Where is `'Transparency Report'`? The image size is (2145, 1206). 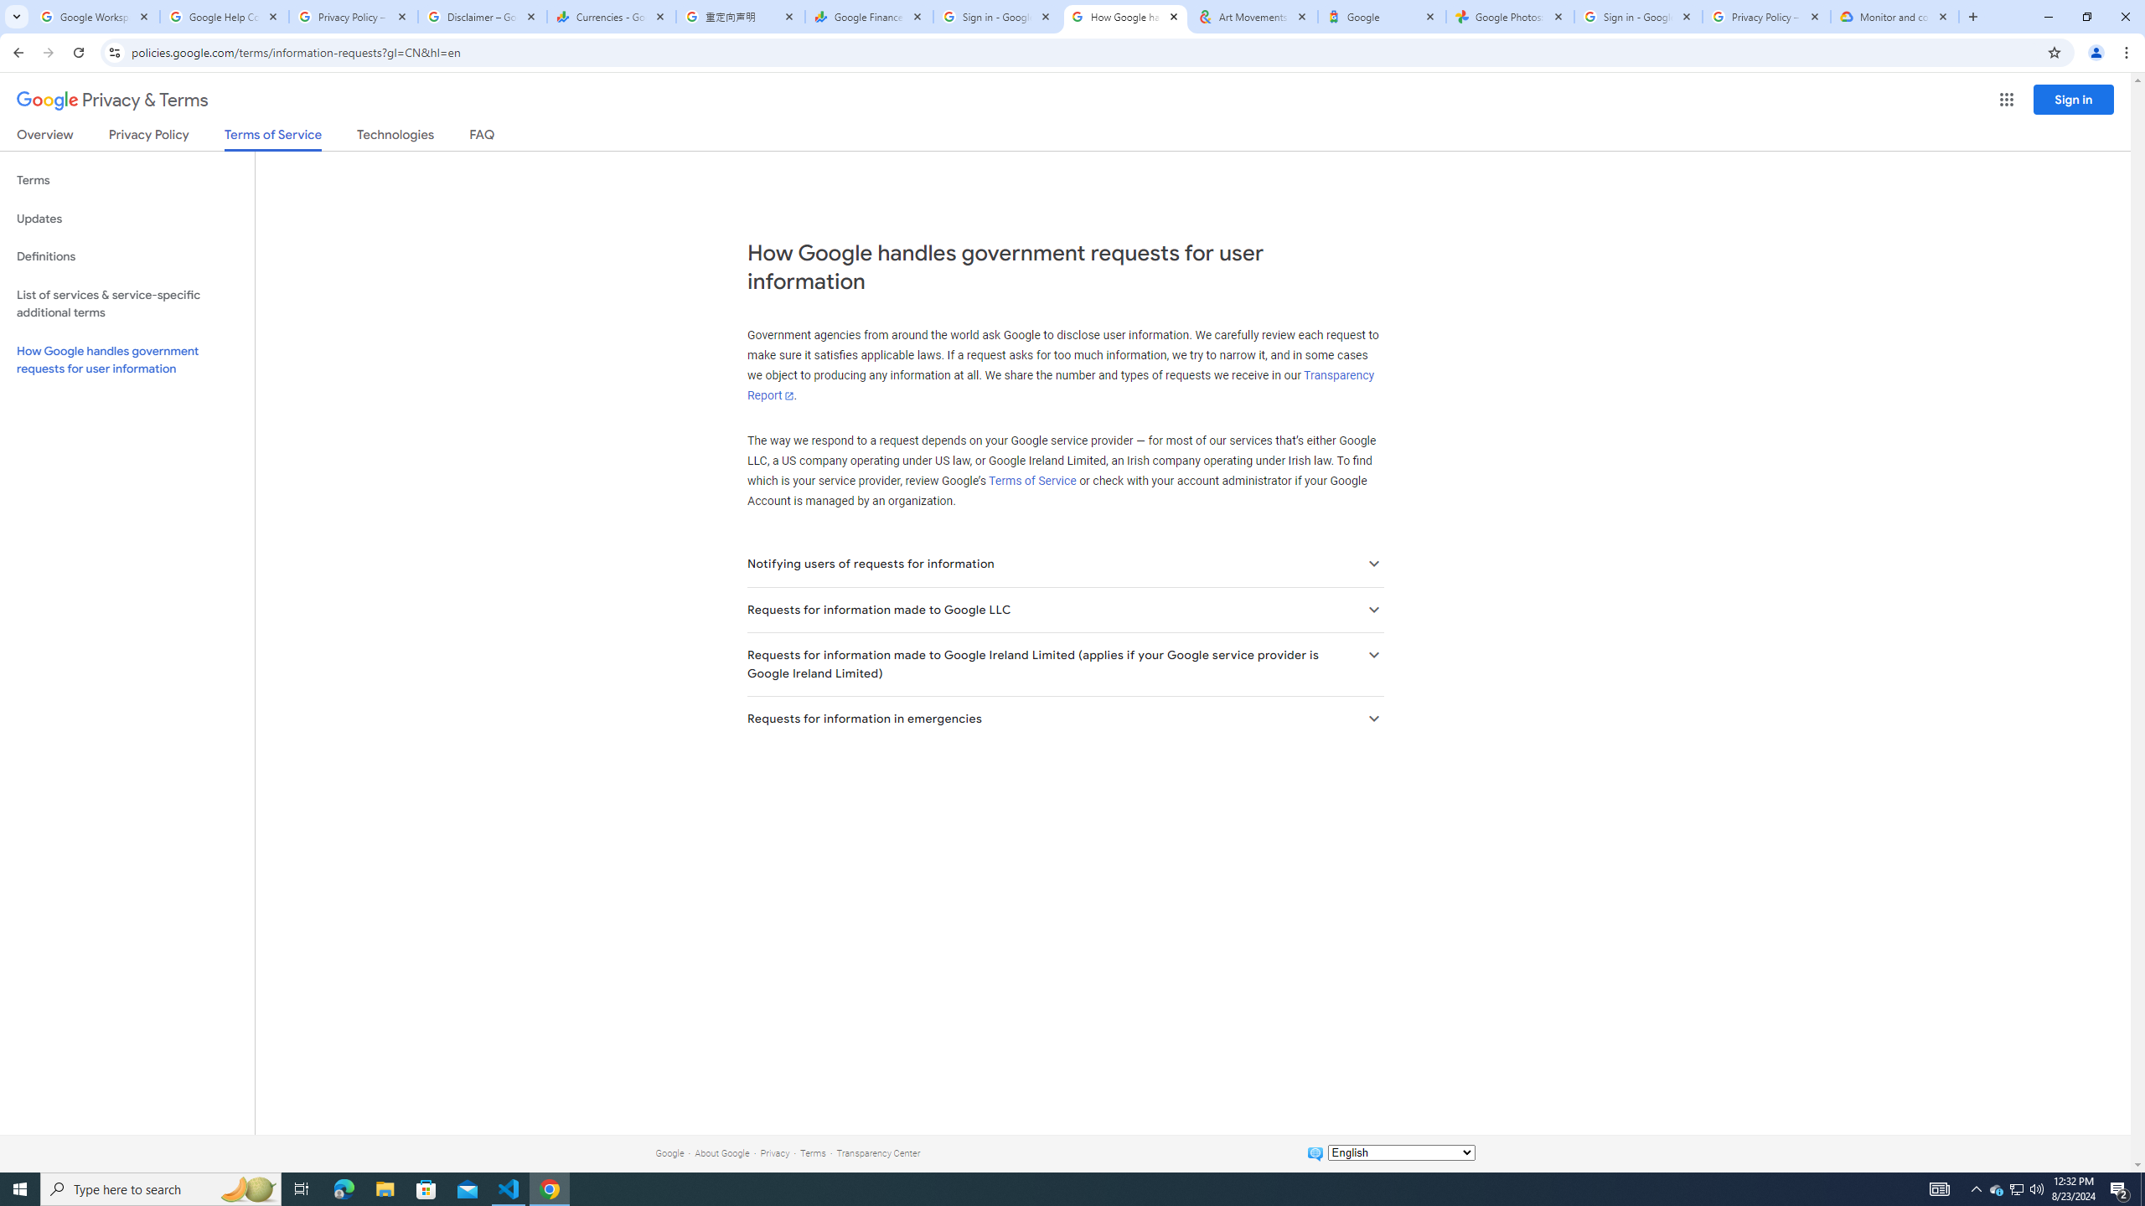 'Transparency Report' is located at coordinates (1059, 385).